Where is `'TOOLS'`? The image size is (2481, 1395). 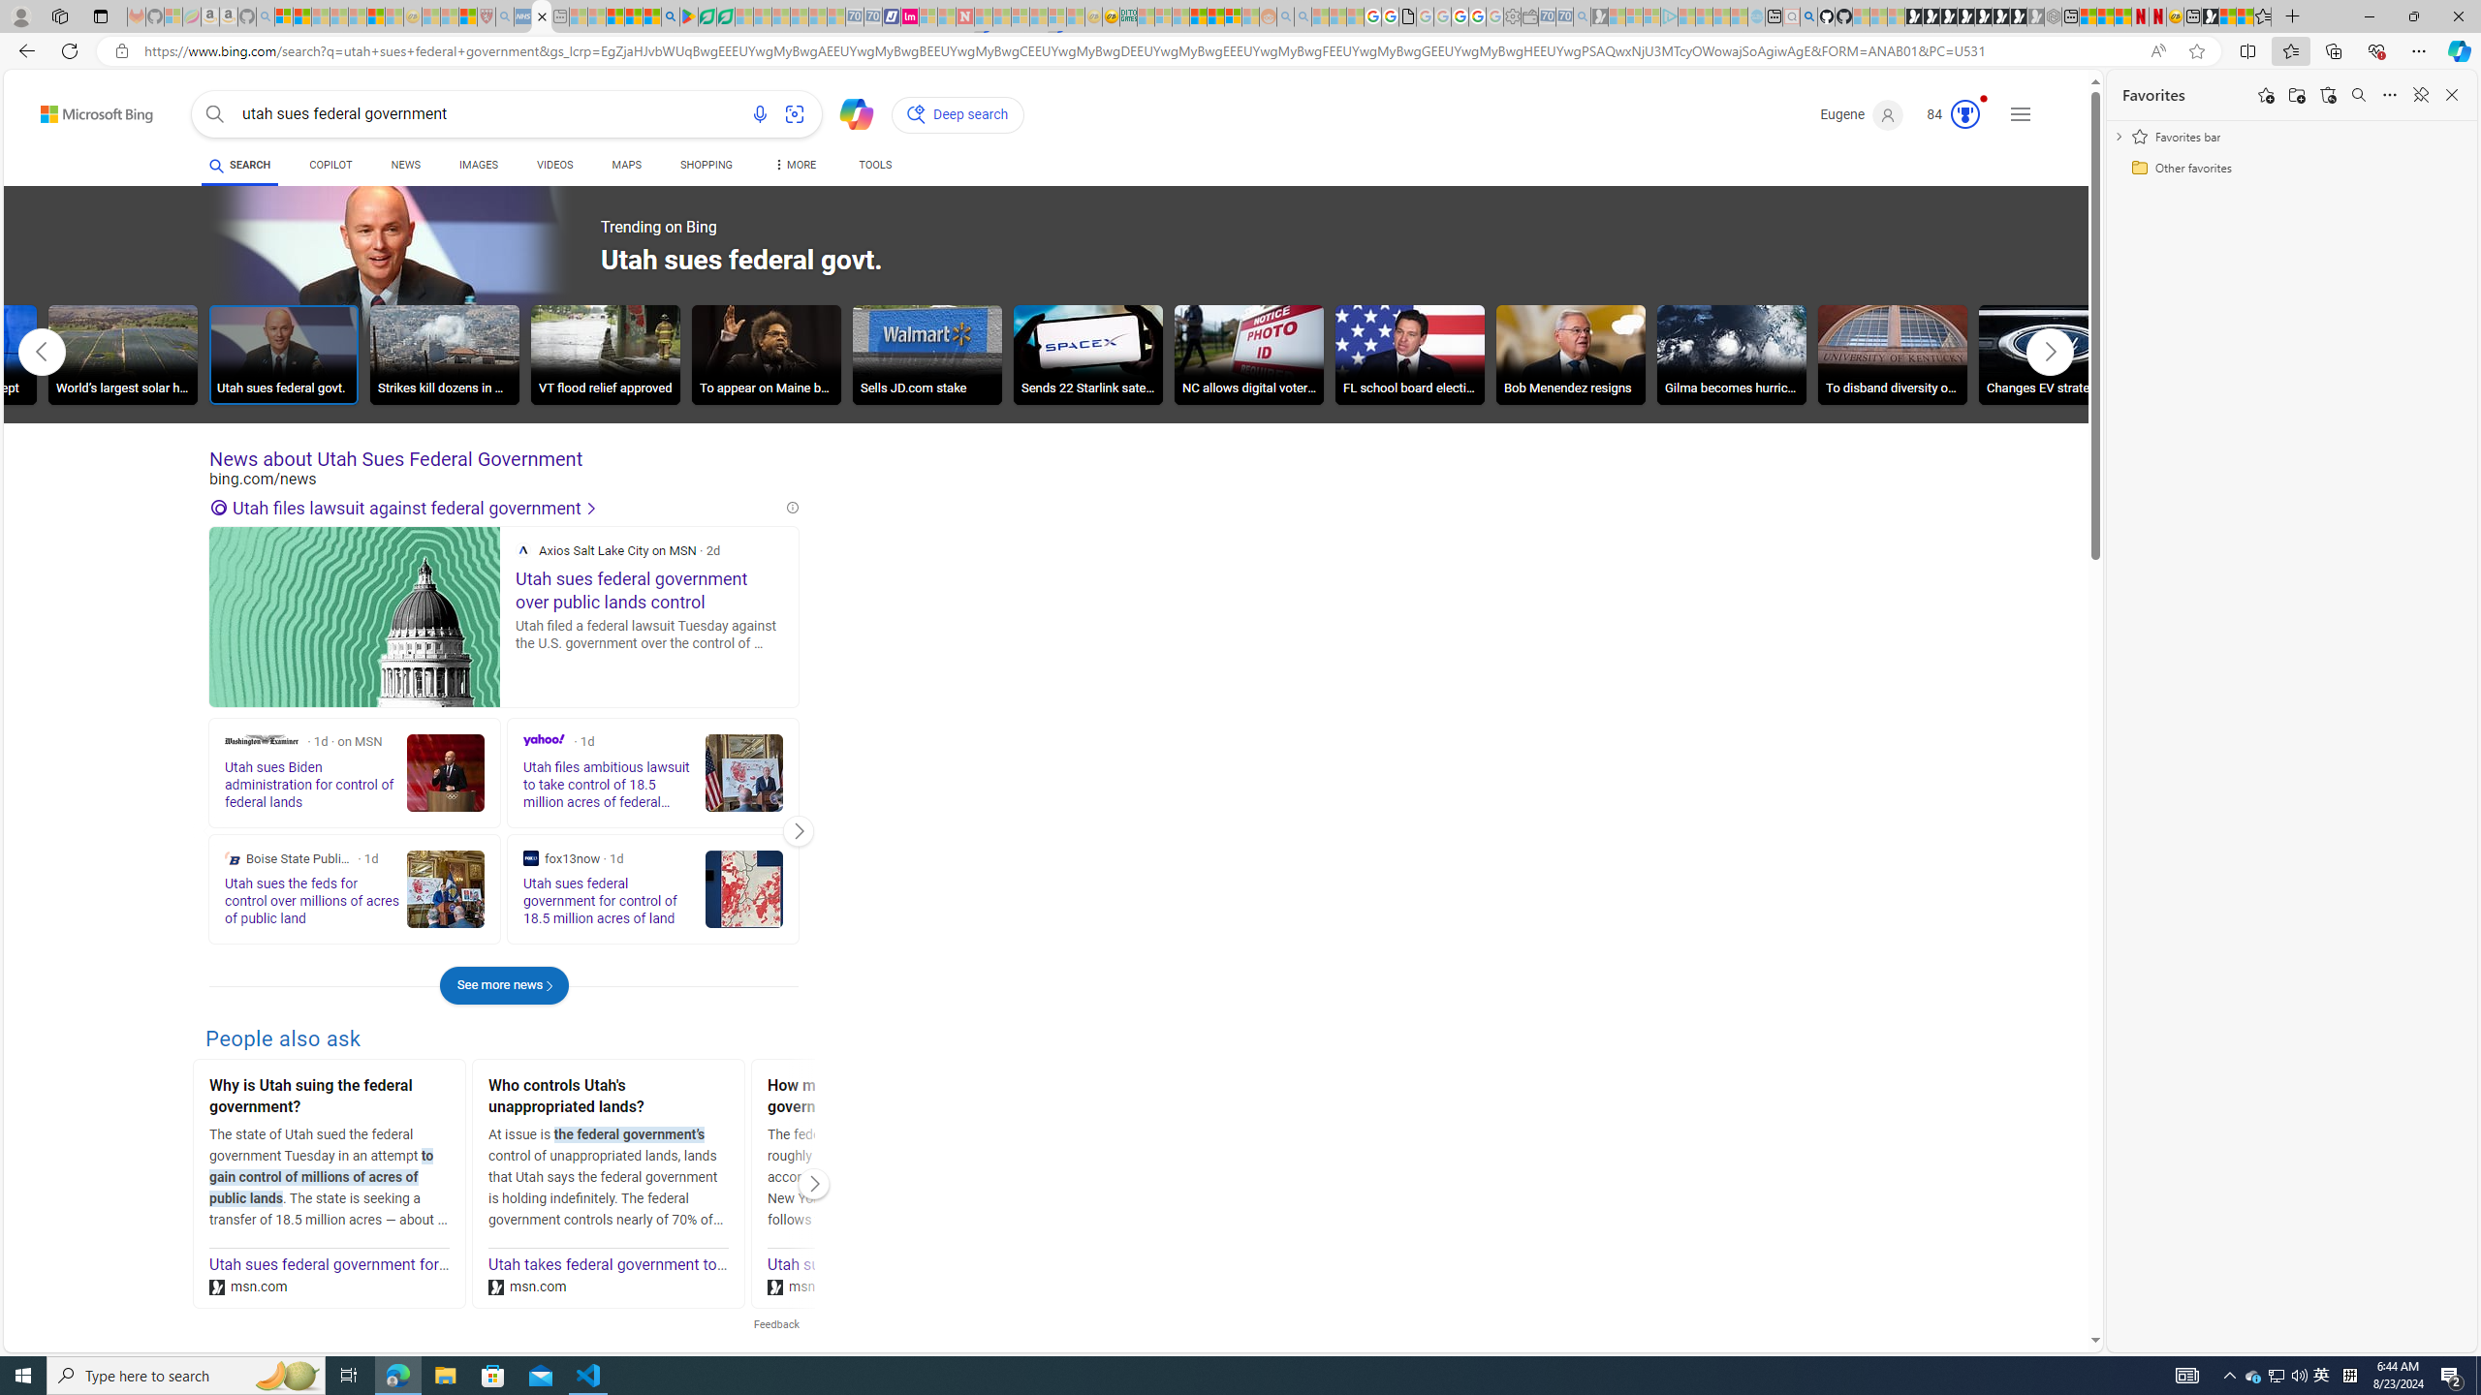
'TOOLS' is located at coordinates (873, 167).